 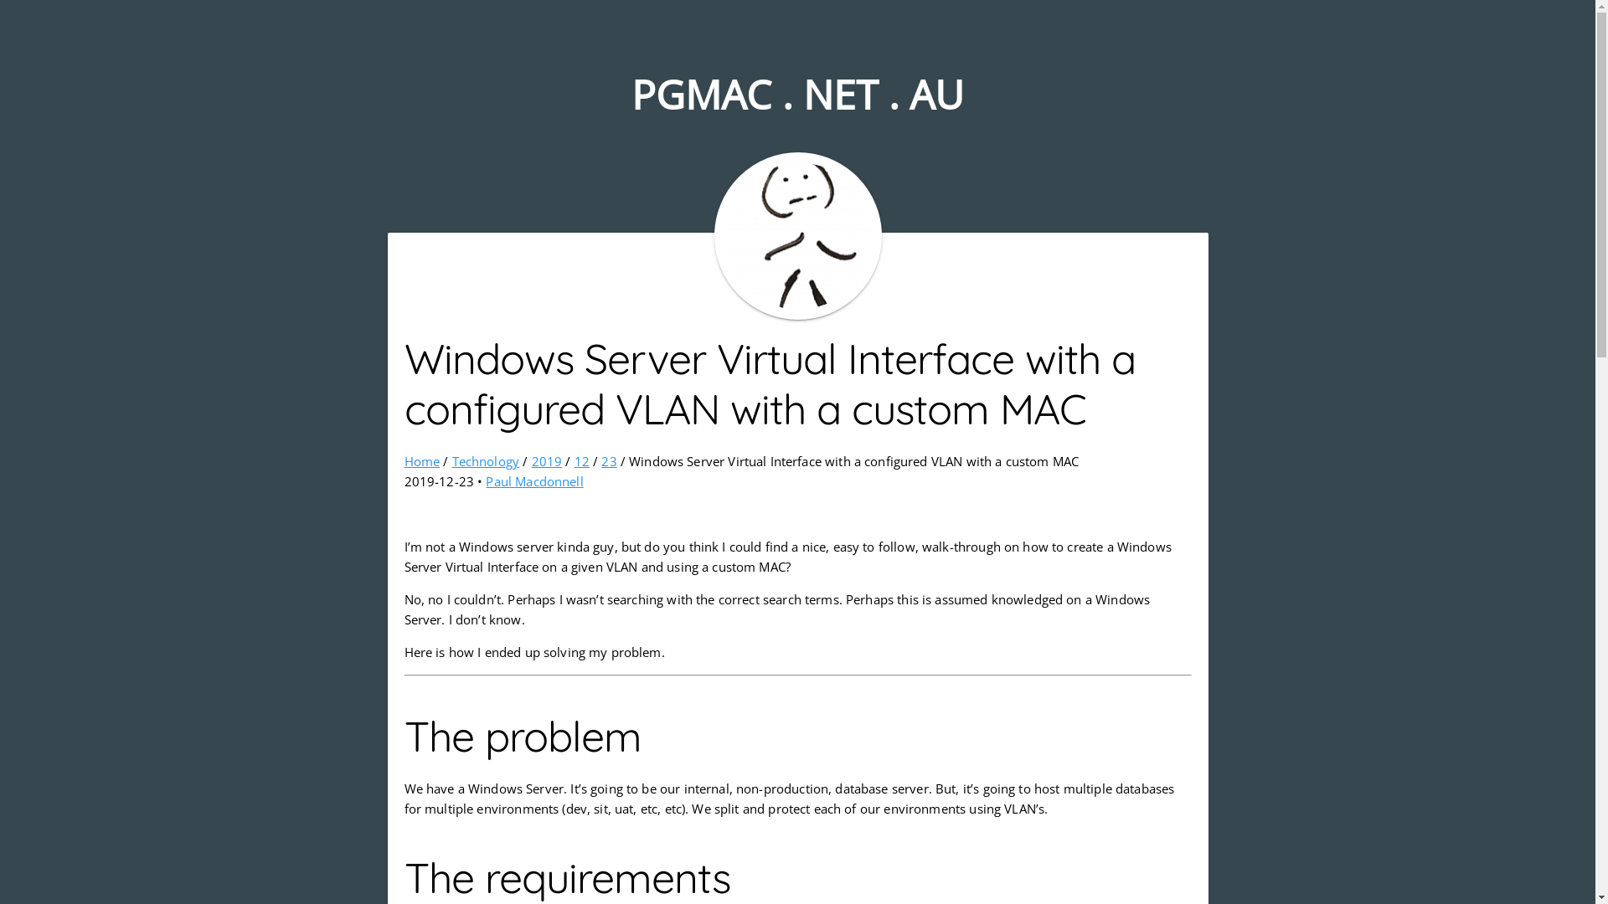 What do you see at coordinates (485, 480) in the screenshot?
I see `'Paul Macdonnell'` at bounding box center [485, 480].